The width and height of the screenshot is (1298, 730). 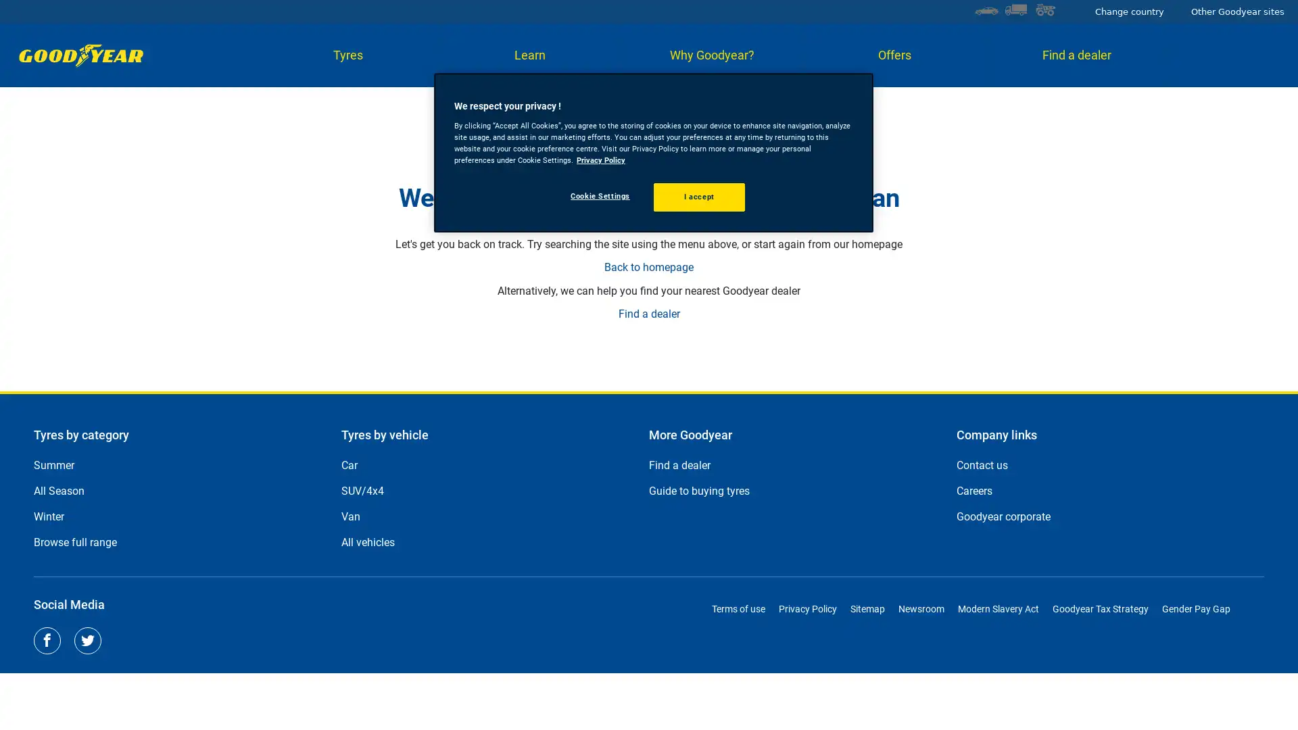 What do you see at coordinates (699, 196) in the screenshot?
I see `I accept` at bounding box center [699, 196].